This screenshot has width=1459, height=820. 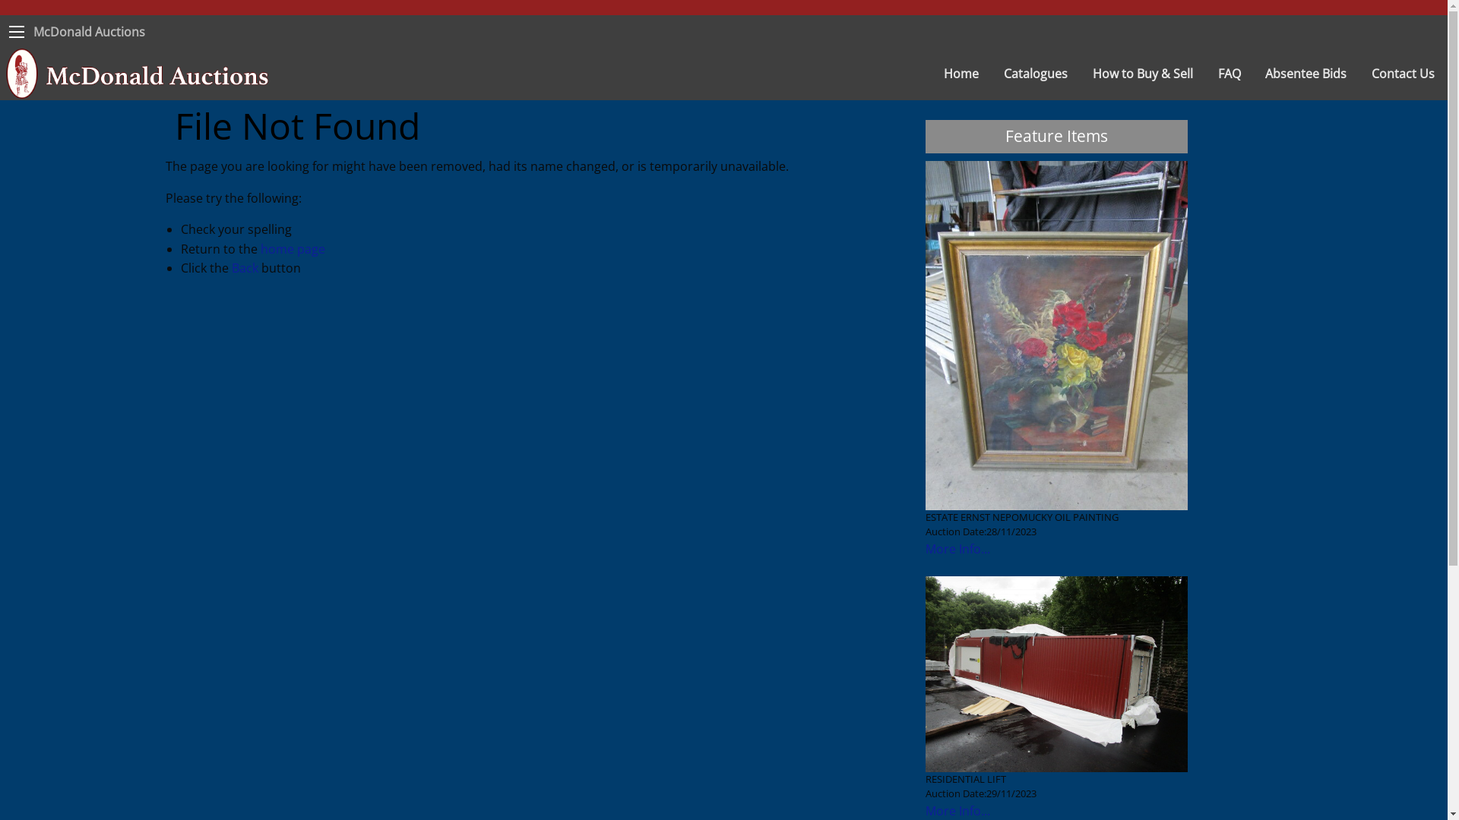 What do you see at coordinates (961, 73) in the screenshot?
I see `'Home'` at bounding box center [961, 73].